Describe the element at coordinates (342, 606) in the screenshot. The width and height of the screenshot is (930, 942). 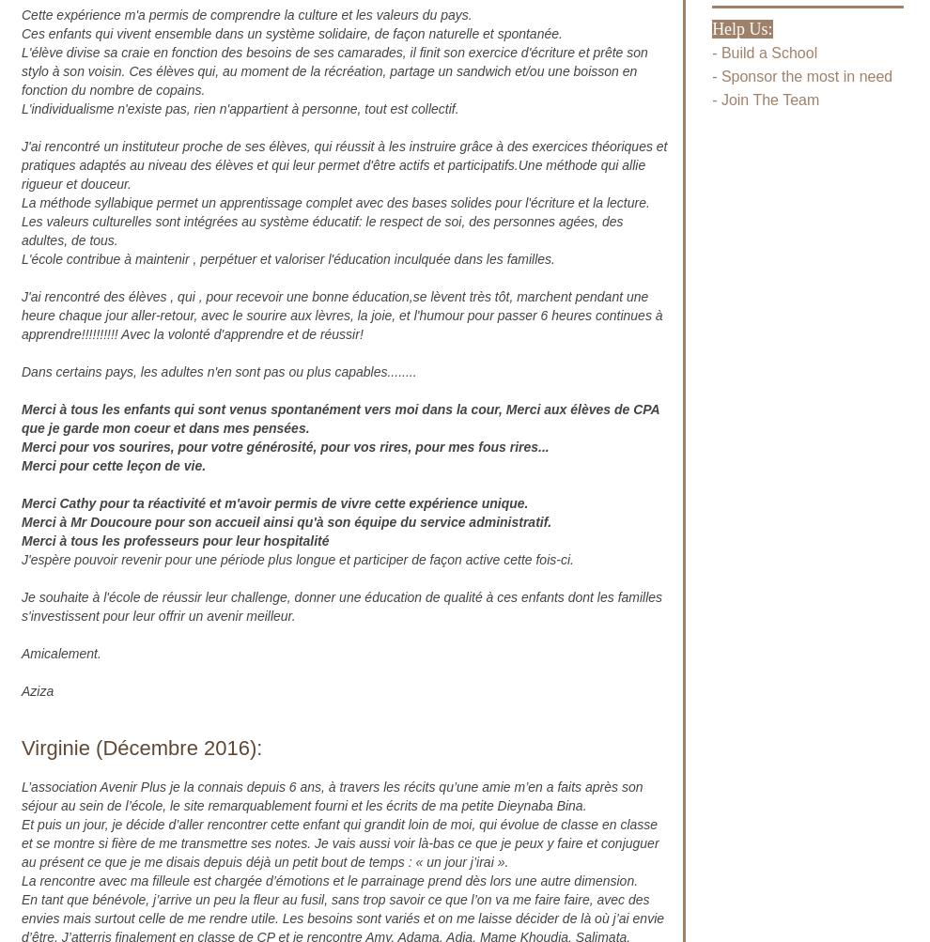
I see `'Je souhaite à l'école de réussir leur challenge, donner une éducation de qualité à ces enfants dont les familles s'investissent pour leur offrir un avenir meilleur.'` at that location.